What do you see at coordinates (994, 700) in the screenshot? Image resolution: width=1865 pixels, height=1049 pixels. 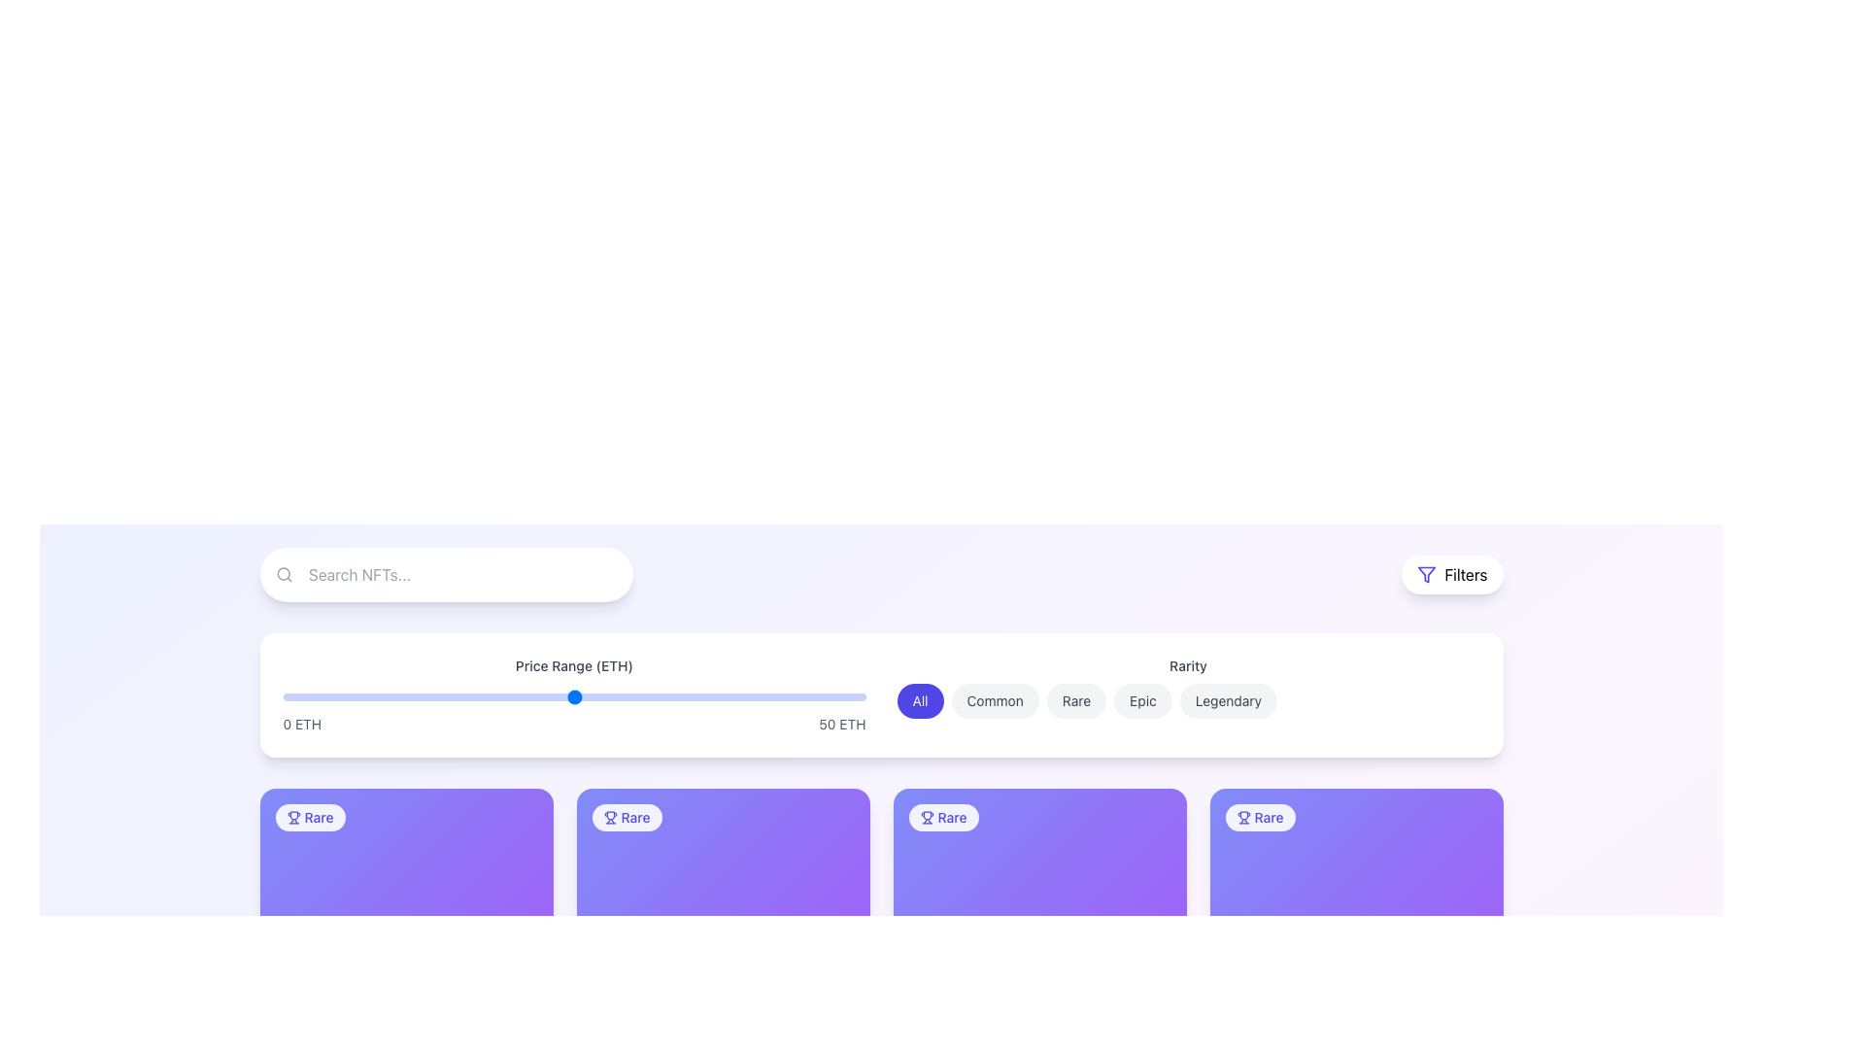 I see `the 'Common' button with rounded edges and a light gray background to filter items in the NFT list` at bounding box center [994, 700].